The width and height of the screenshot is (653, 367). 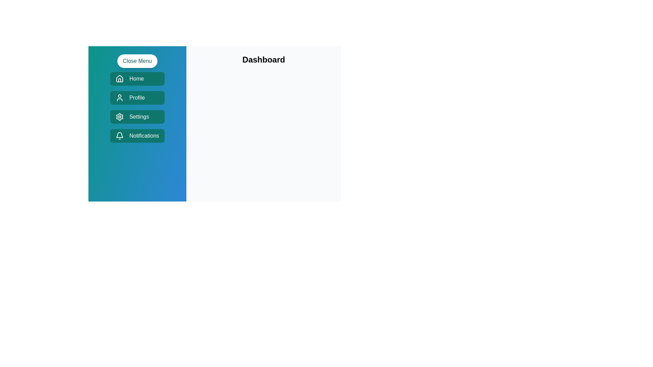 What do you see at coordinates (137, 61) in the screenshot?
I see `the 'Close Menu' button, which is a horizontally elongated button with a white background and teal text, located at the top of the sidebar menu` at bounding box center [137, 61].